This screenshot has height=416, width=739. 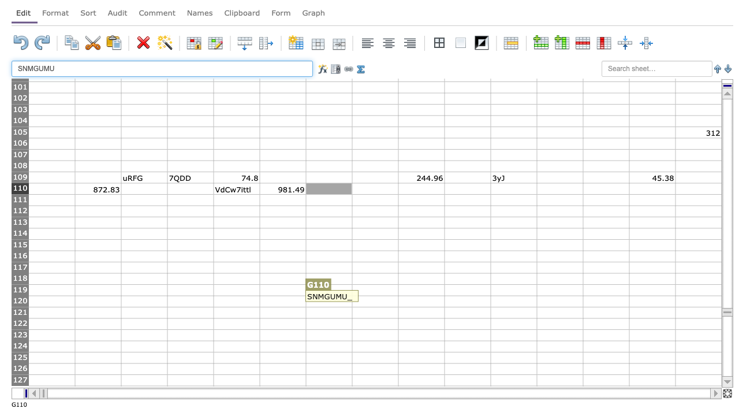 I want to click on cell I120, so click(x=420, y=300).